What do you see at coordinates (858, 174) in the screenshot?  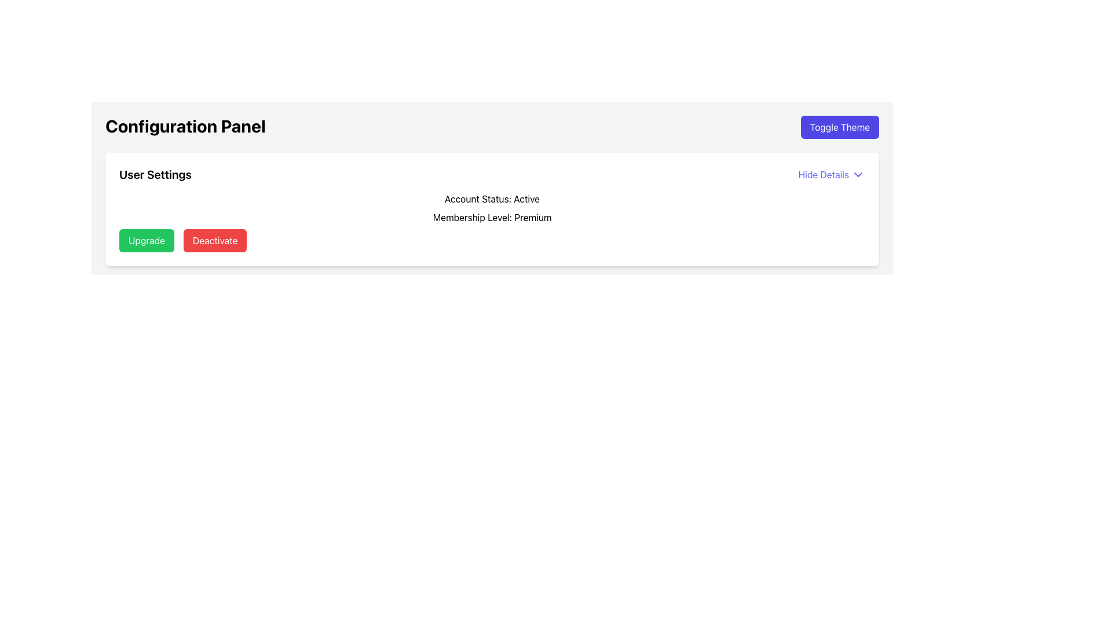 I see `the downward-pointing chevron icon located to the right of the 'Hide Details' text` at bounding box center [858, 174].